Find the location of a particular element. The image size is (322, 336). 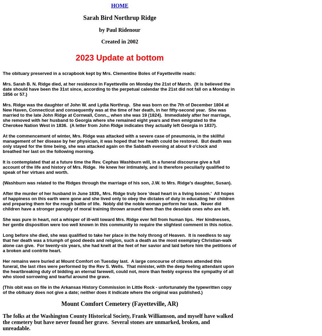

'After the

murder of her husband in June 1839,, Mrs. Ridge truly bore 'dead

heart in a living bosom.'  All hopes of happiness on this

earth were gone and she lived only to obey the dictates of duty

in educating her children and preparing them for the rough battle

of life.  Nobly did the noble woman perform her task.

 Never did children have a stronger panoply of moral

training thrown around them than the desolate ones who are left.' is located at coordinates (118, 201).